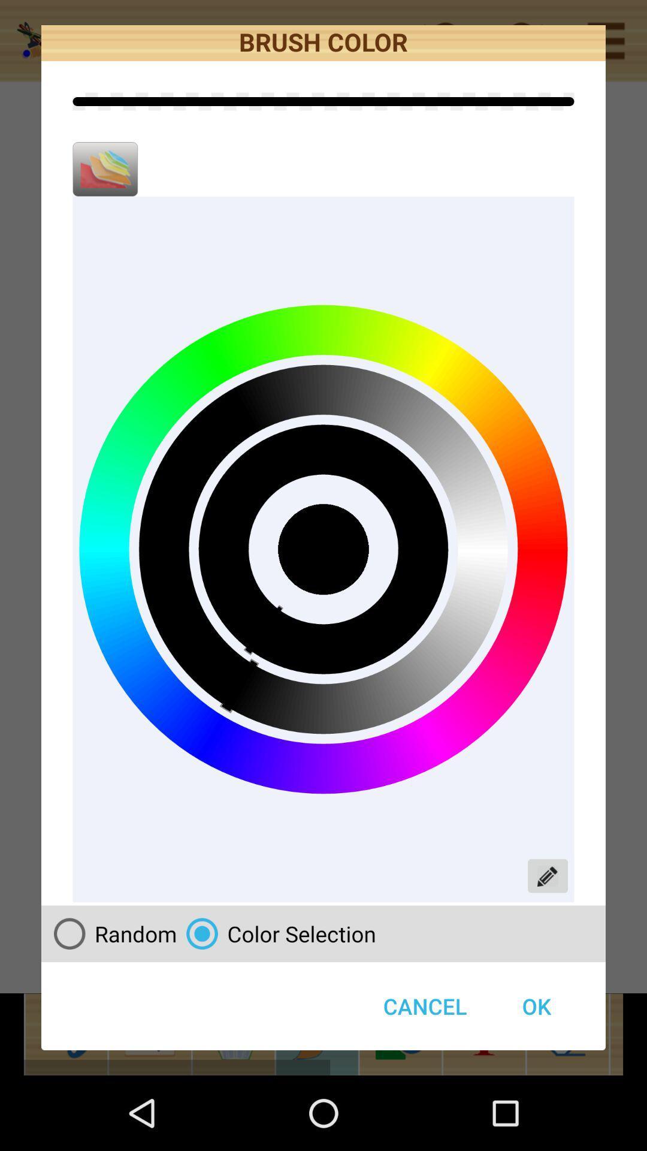 The width and height of the screenshot is (647, 1151). What do you see at coordinates (276, 933) in the screenshot?
I see `icon to the left of ok icon` at bounding box center [276, 933].